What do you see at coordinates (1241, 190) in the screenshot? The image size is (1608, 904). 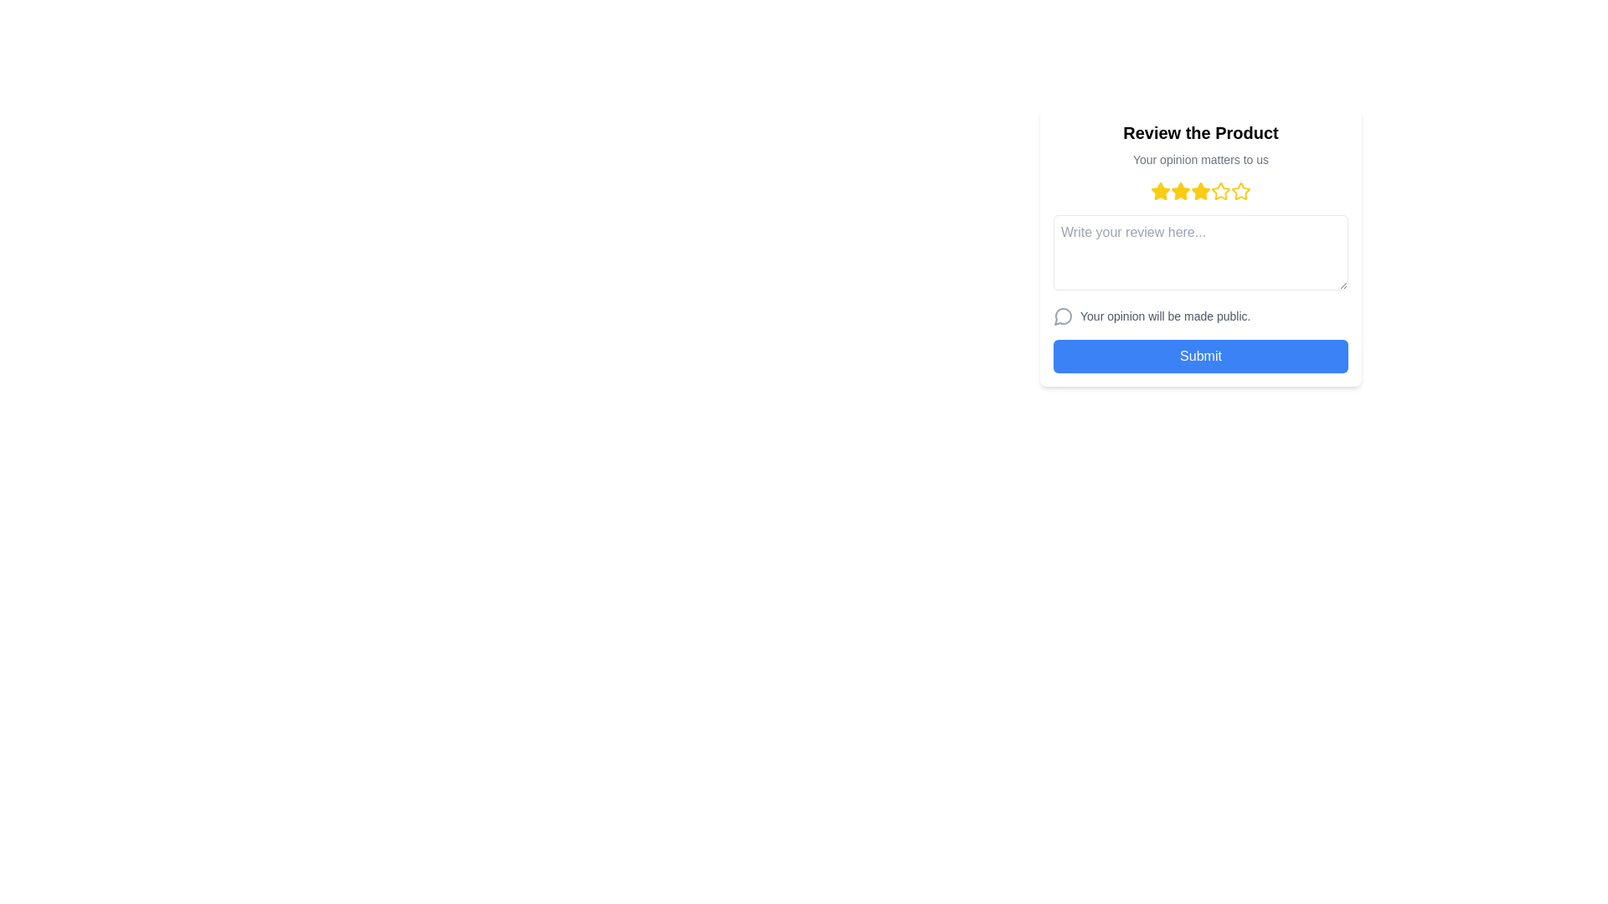 I see `the fourth star in the rating component` at bounding box center [1241, 190].